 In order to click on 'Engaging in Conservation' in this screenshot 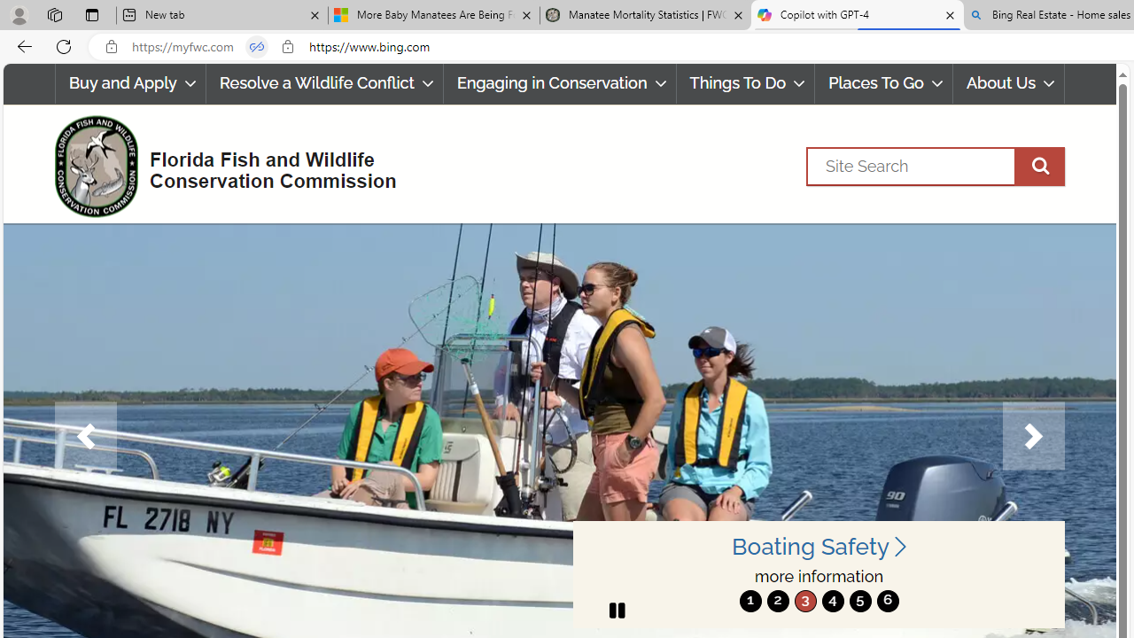, I will do `click(559, 83)`.